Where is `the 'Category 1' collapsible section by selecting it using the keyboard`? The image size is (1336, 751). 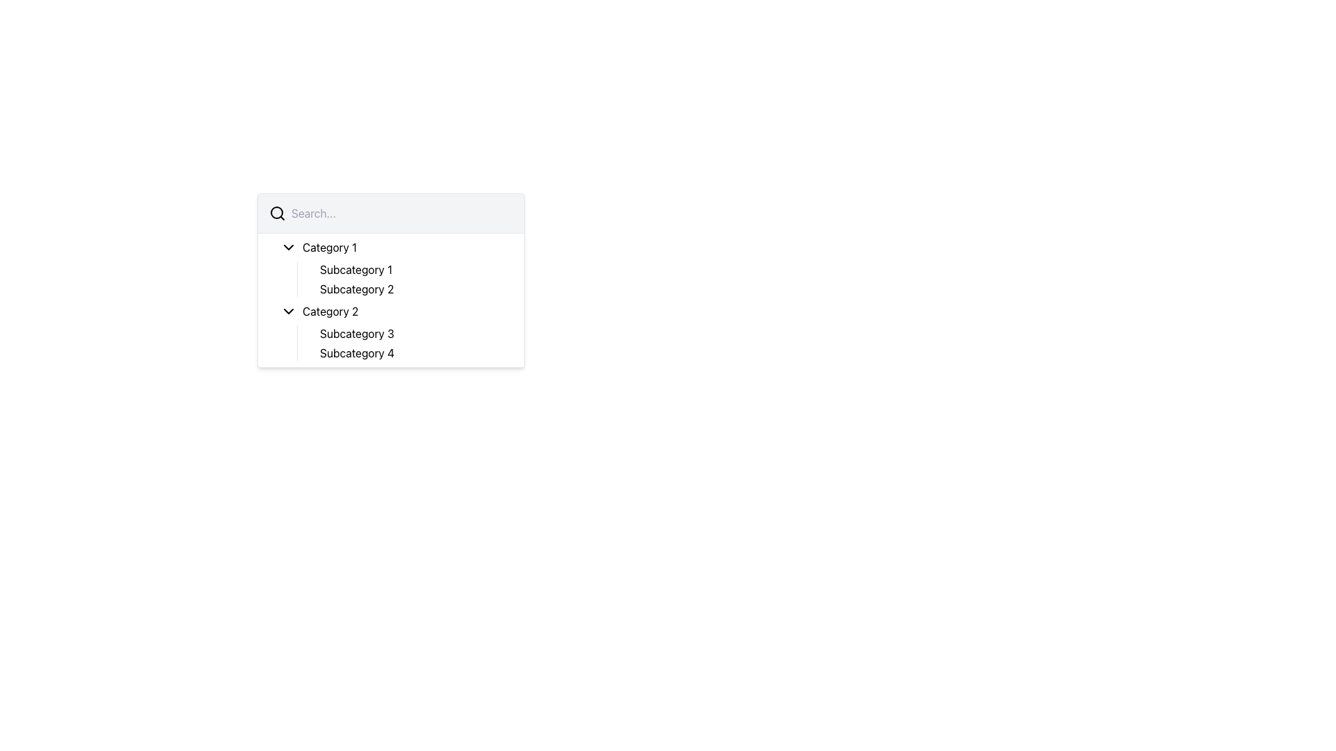 the 'Category 1' collapsible section by selecting it using the keyboard is located at coordinates (390, 268).